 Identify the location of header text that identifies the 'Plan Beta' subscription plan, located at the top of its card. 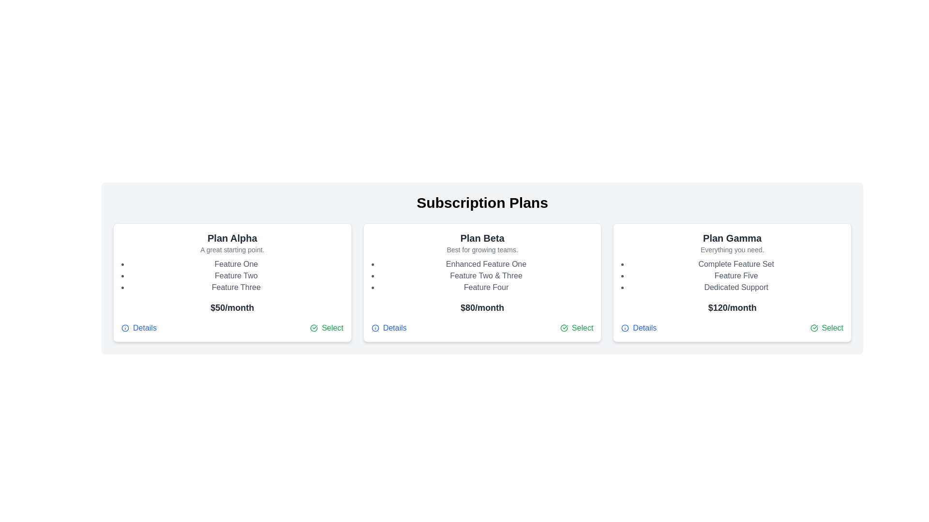
(482, 238).